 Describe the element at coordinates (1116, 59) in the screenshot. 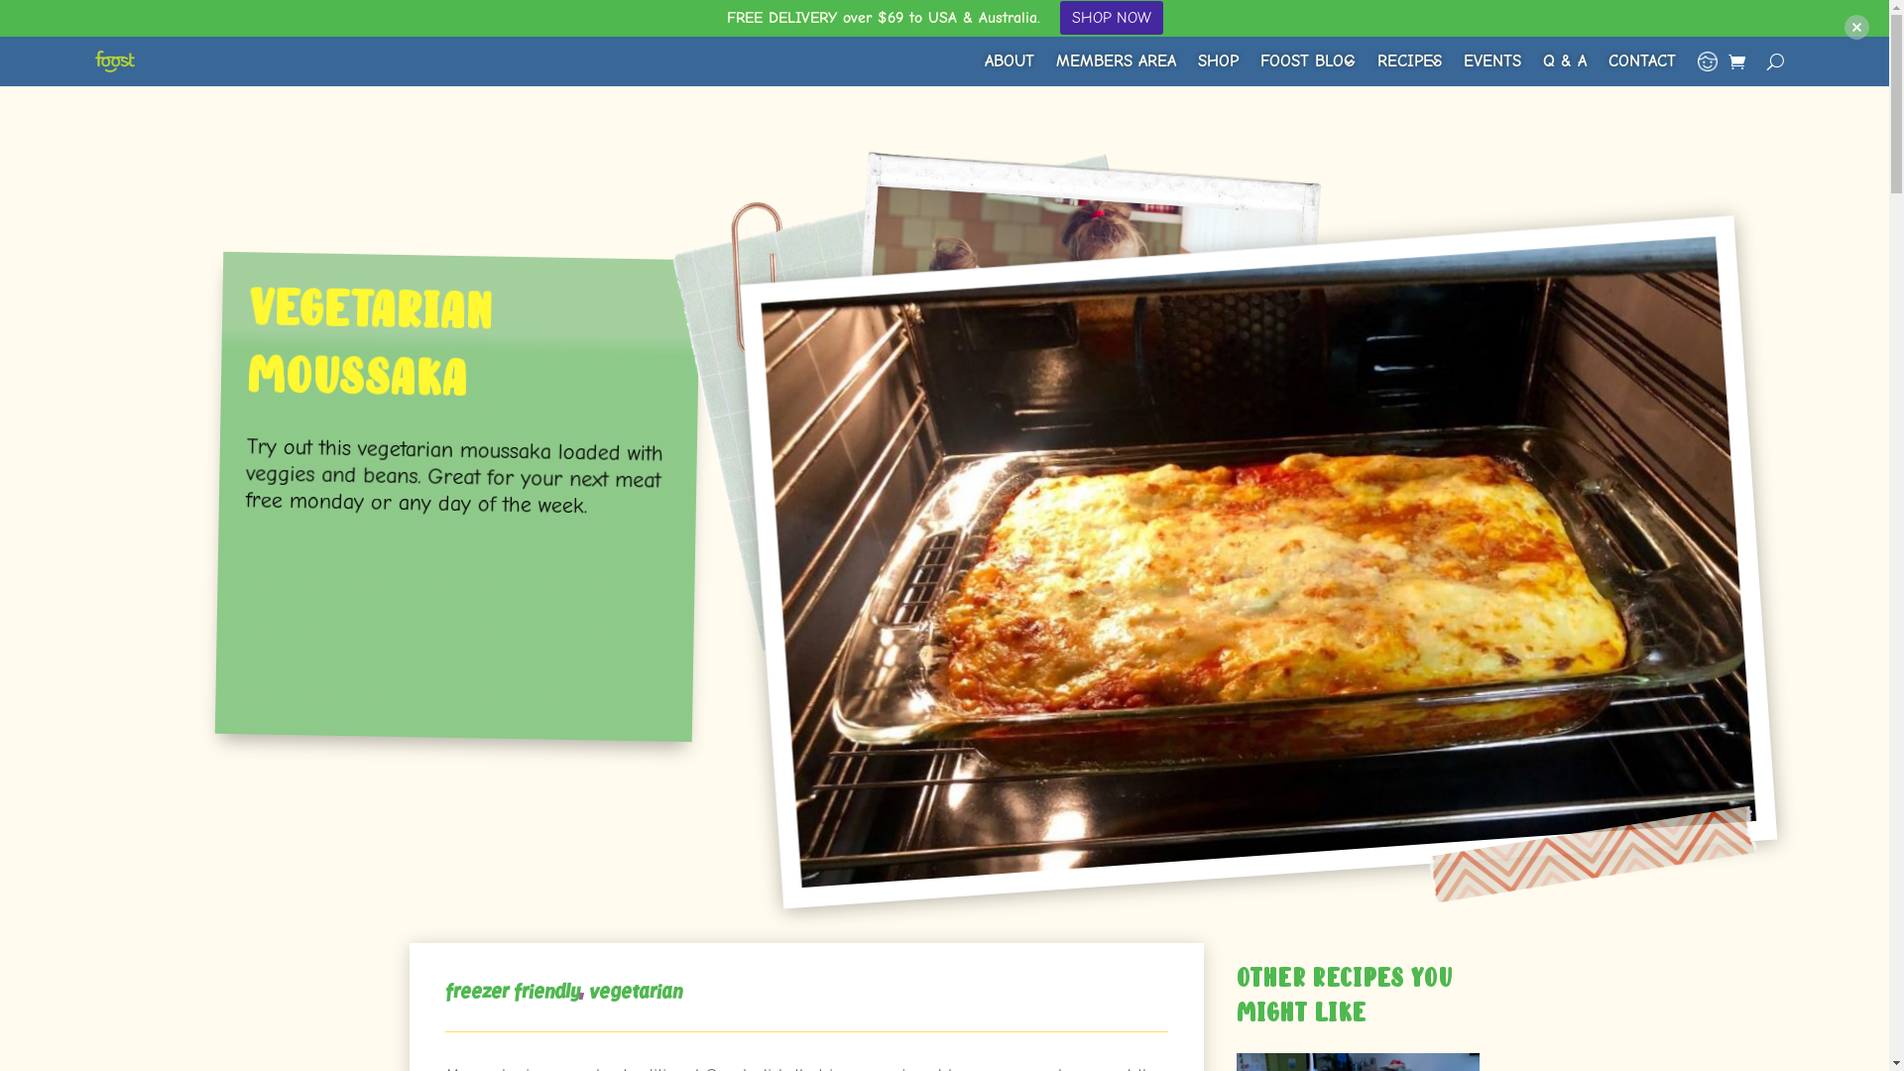

I see `'MEMBERS AREA'` at that location.